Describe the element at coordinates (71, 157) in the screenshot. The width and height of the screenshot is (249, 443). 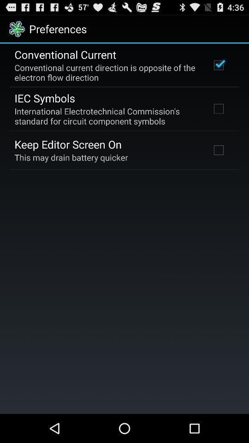
I see `the this may drain` at that location.